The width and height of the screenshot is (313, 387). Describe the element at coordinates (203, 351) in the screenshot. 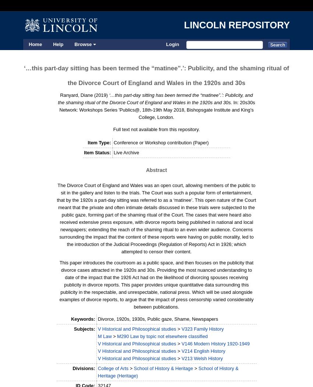

I see `'V214 English History'` at that location.